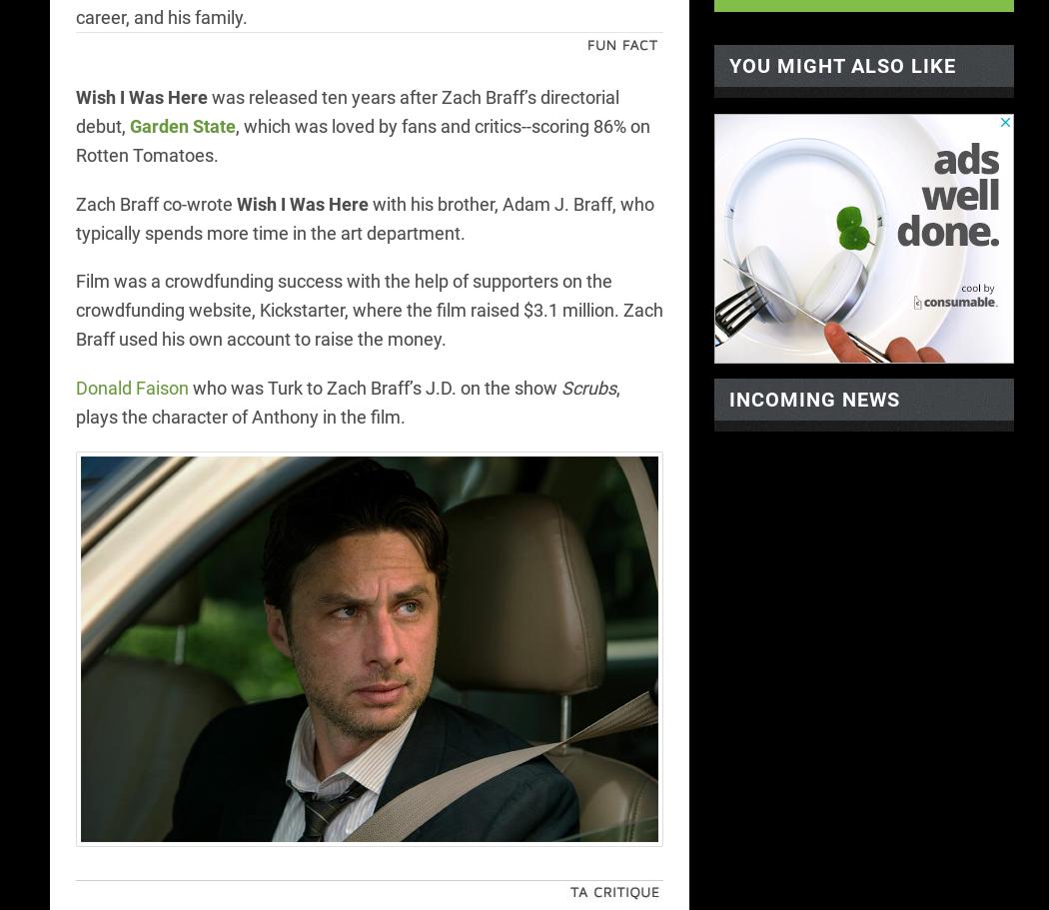 The image size is (1049, 910). Describe the element at coordinates (346, 110) in the screenshot. I see `'was released ten years after Zach Braff’s directorial debut,'` at that location.